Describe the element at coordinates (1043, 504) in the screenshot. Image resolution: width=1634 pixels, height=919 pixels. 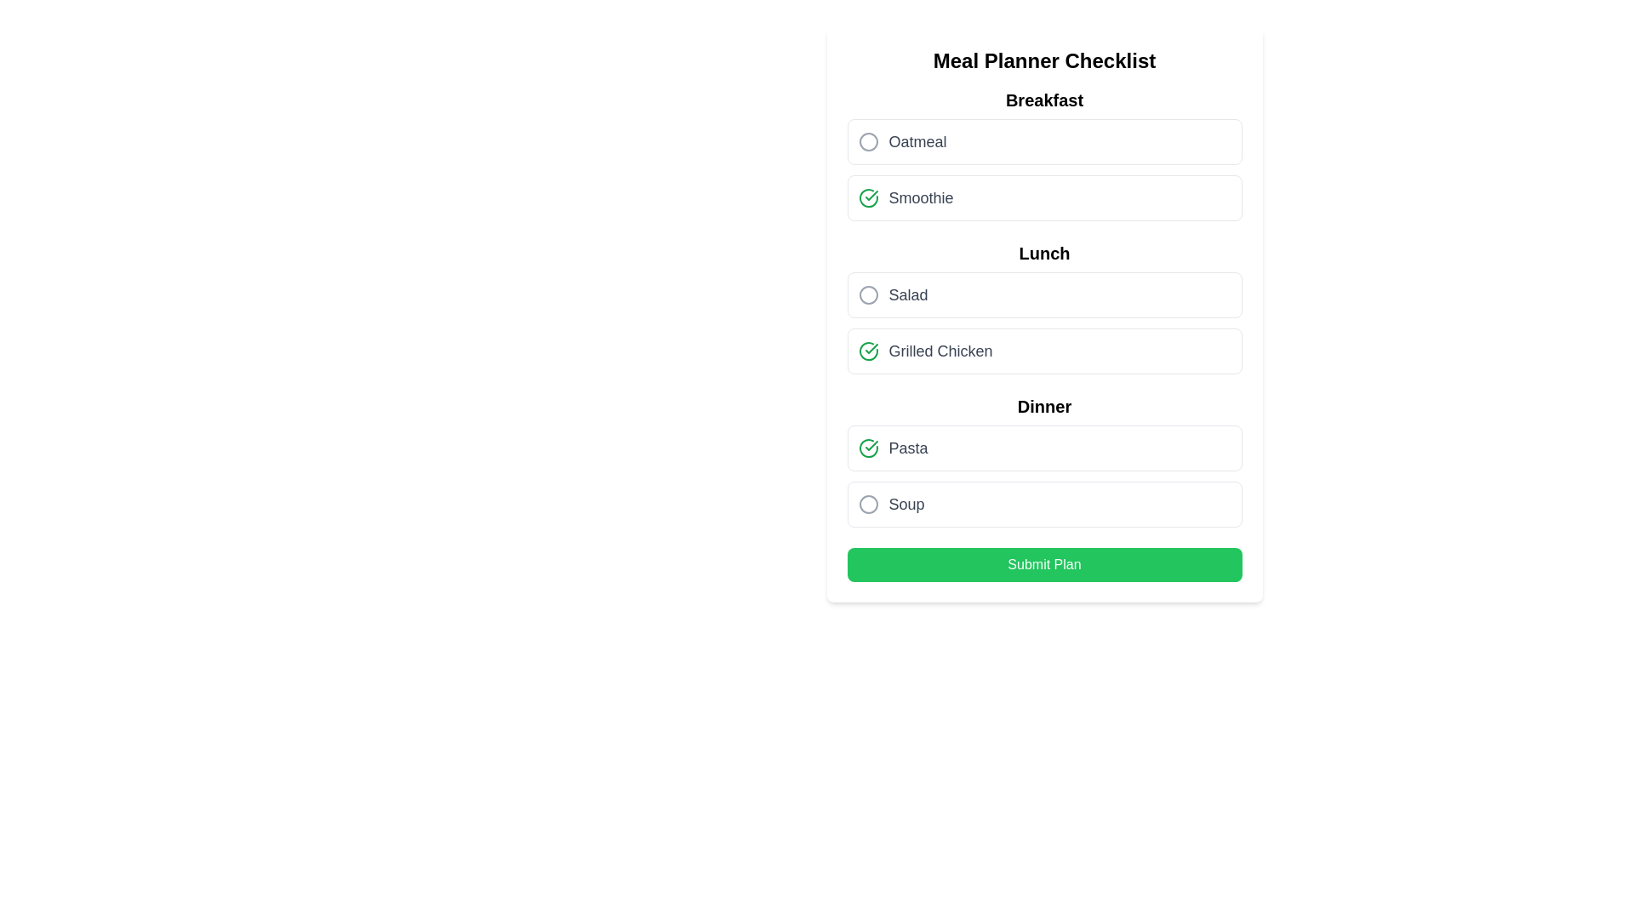
I see `the Checkbox list item labeled 'Soup' in the Dinner section of the Meal Planner Checklist` at that location.